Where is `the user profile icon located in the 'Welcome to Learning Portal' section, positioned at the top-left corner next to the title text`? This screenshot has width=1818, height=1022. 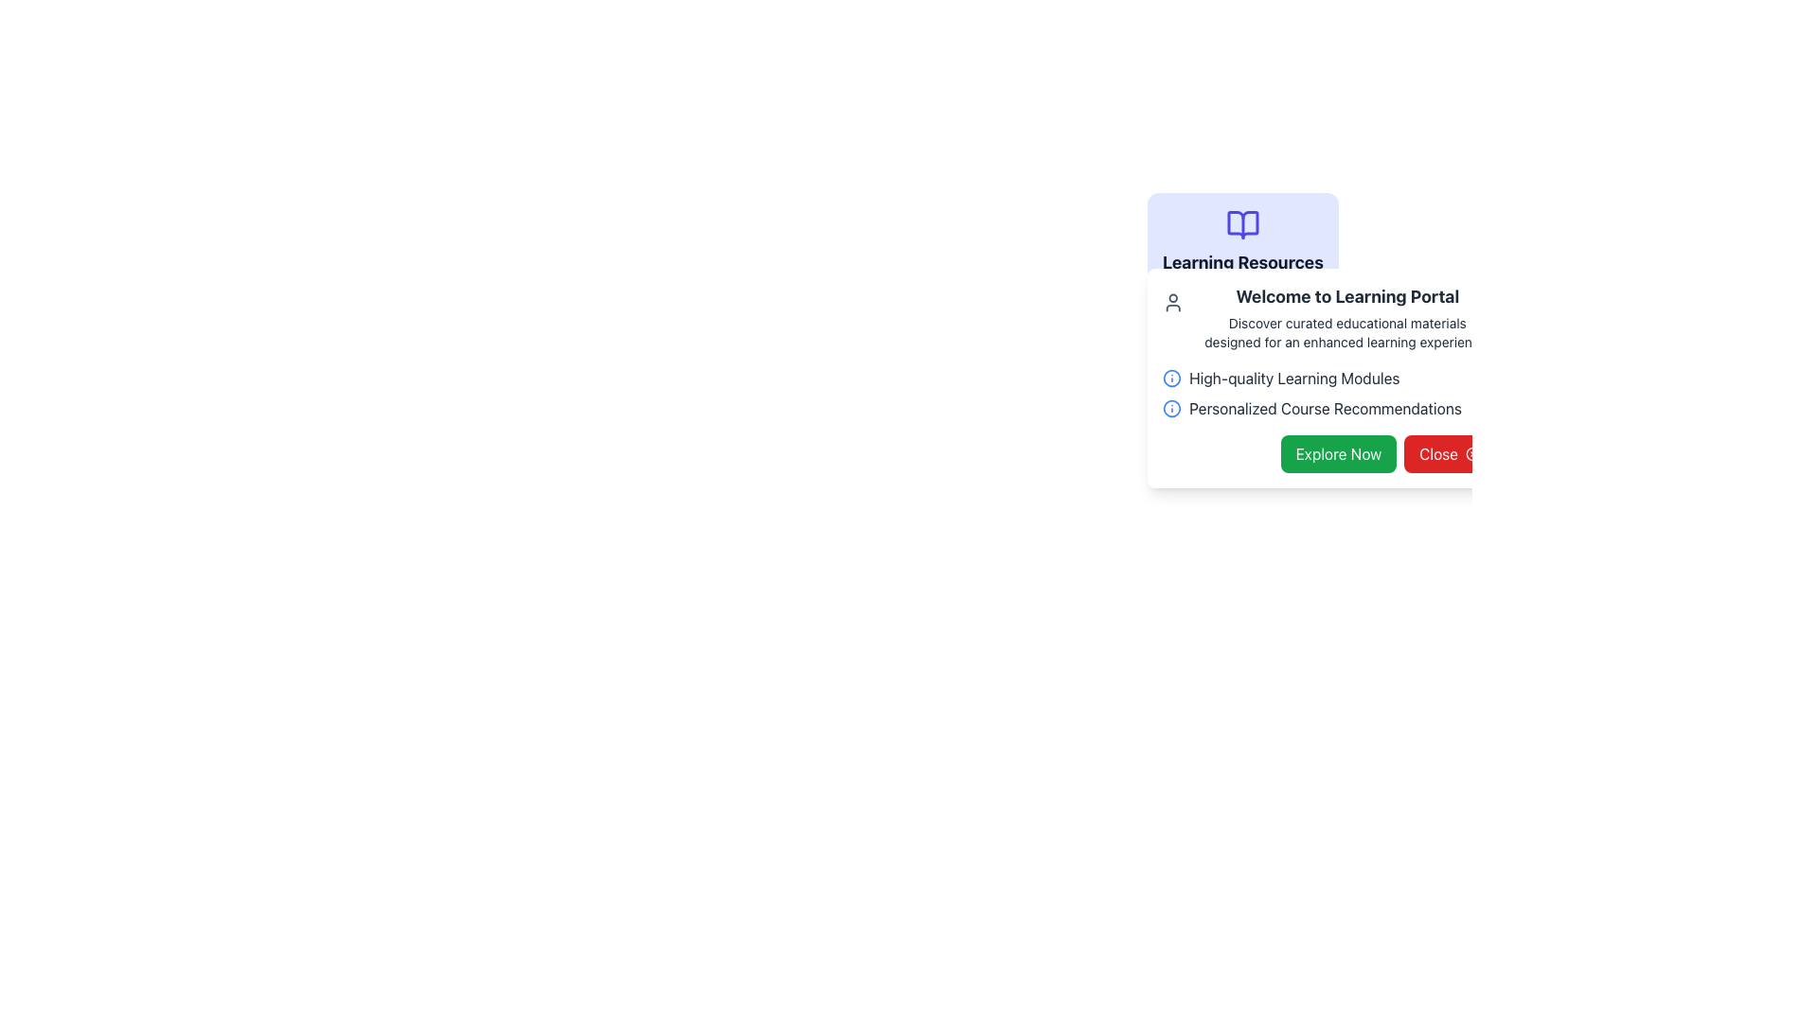 the user profile icon located in the 'Welcome to Learning Portal' section, positioned at the top-left corner next to the title text is located at coordinates (1172, 302).